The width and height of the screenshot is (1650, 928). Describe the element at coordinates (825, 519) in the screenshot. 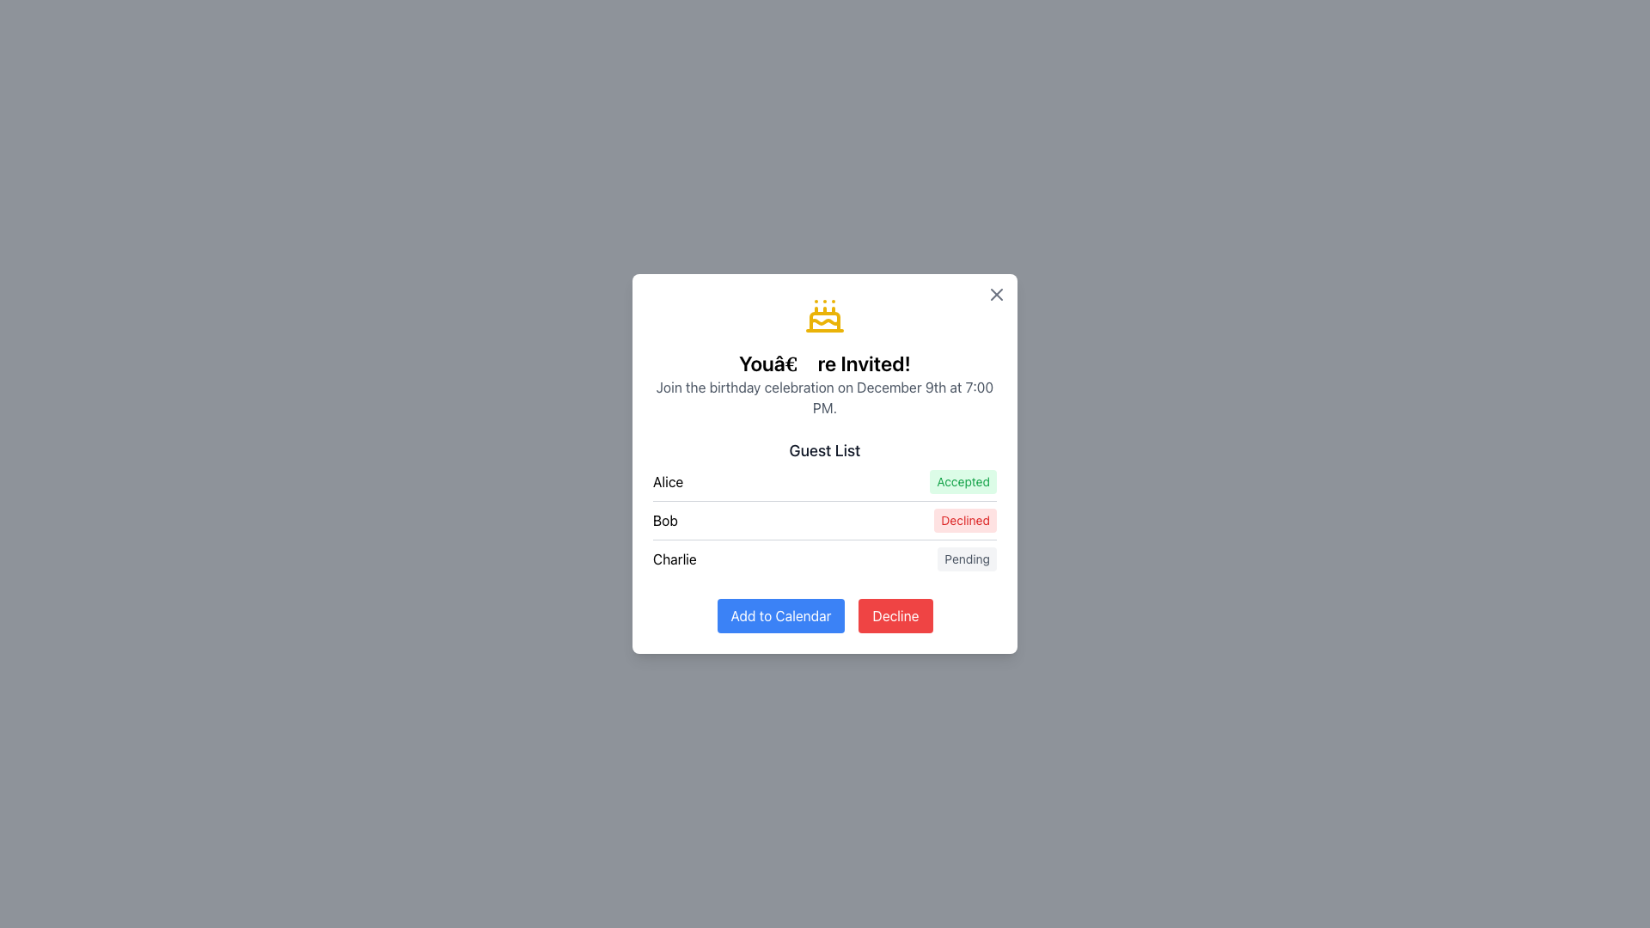

I see `details of the second row in the 'Guest List' which shows 'Bob - Declined' on a red background` at that location.